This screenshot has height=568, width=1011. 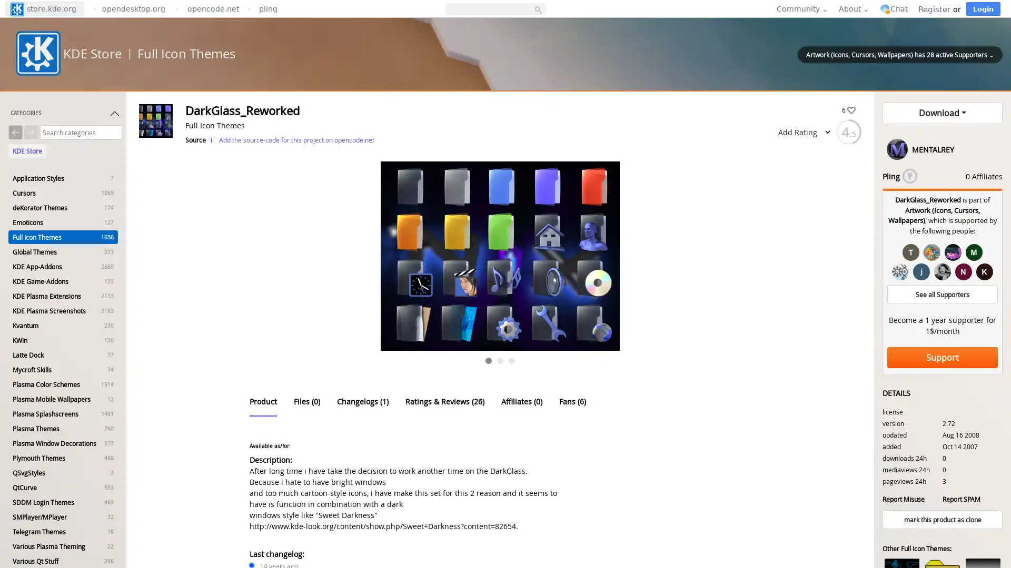 I want to click on Go to slide 2, so click(x=500, y=360).